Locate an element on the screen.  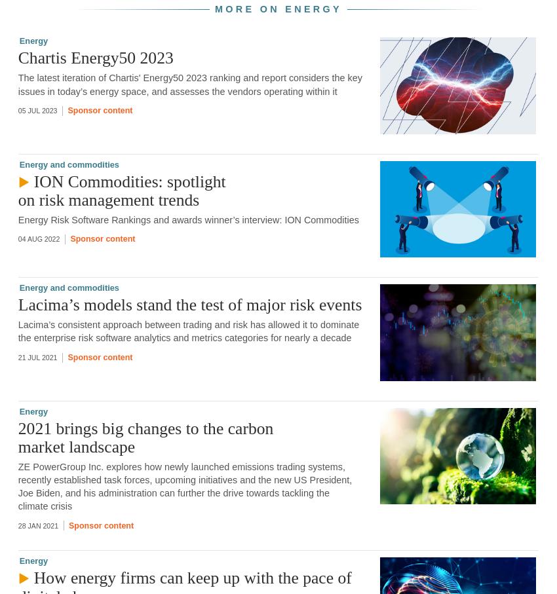
'ZE PowerGroup Inc. explores how newly launched emissions trading systems, recently established task forces, upcoming initiatives and the new US President, Joe Biden, and his administration can further the drive towards tackling the climate crisis' is located at coordinates (17, 486).